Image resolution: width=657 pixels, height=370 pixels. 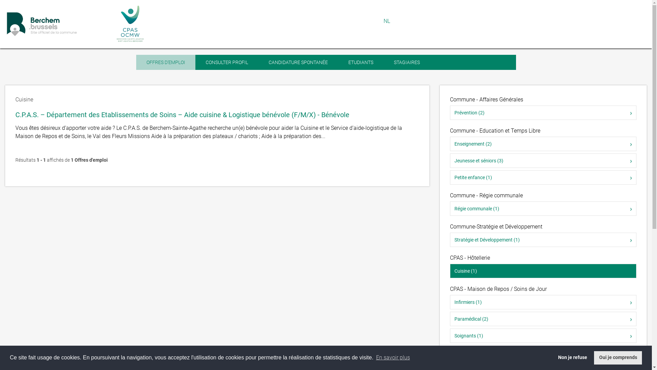 I want to click on 'CONSULTER PROFIL', so click(x=227, y=62).